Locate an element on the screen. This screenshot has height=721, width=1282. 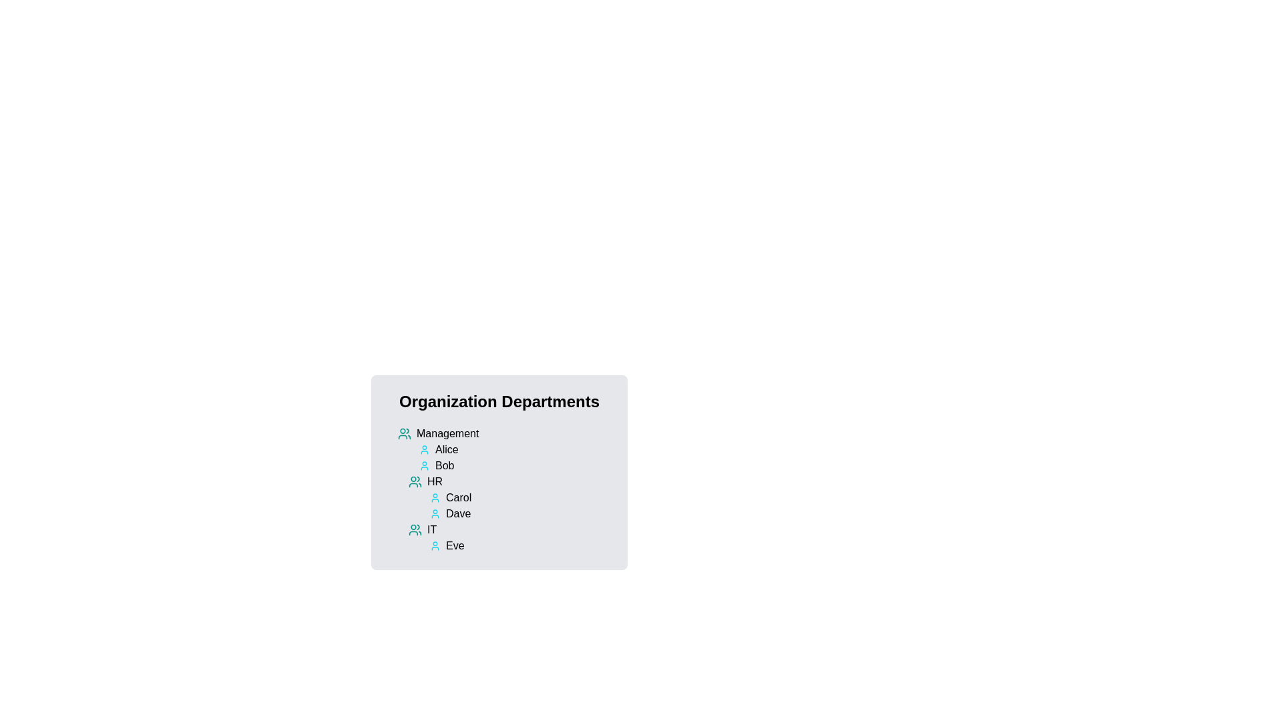
the text element displaying 'Alice' in bold black font, located in the 'Management' section, just below the title 'Management' and above the text 'Bob' is located at coordinates (447, 450).